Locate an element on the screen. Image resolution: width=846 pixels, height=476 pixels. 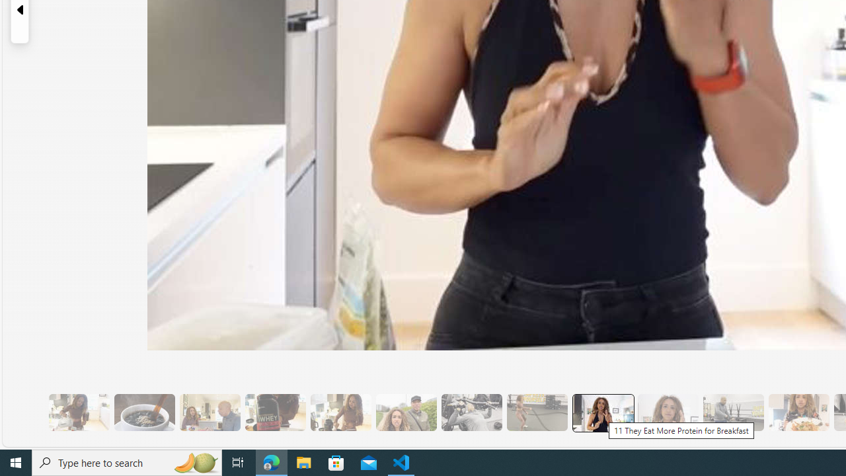
'9 They Do Bench Exercises' is located at coordinates (471, 412).